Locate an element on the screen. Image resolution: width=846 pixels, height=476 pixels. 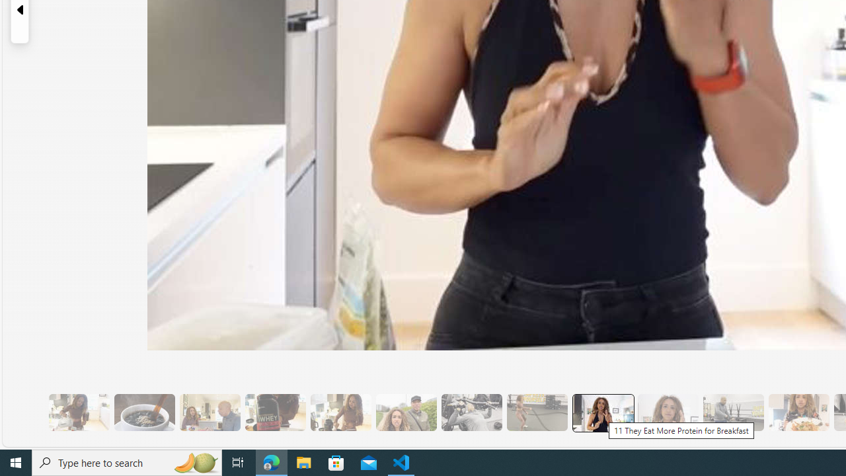
'9 They Do Bench Exercises' is located at coordinates (471, 412).